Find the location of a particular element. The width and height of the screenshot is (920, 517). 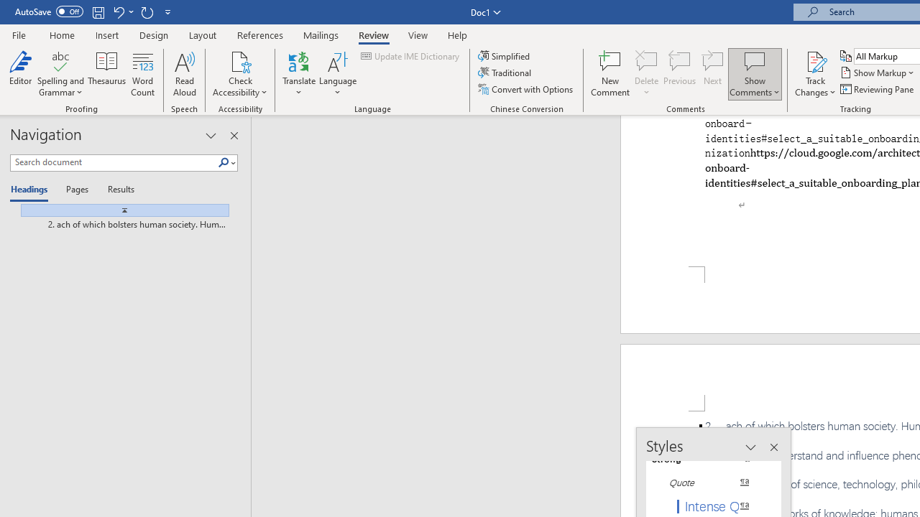

'Delete' is located at coordinates (646, 74).